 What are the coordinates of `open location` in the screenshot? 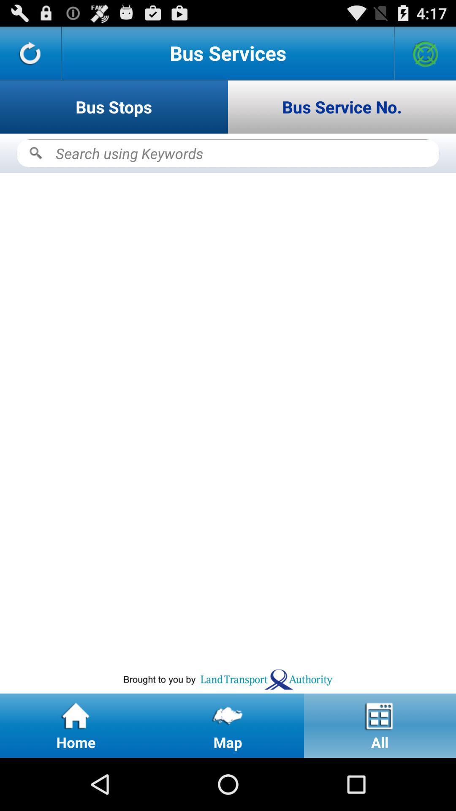 It's located at (425, 52).